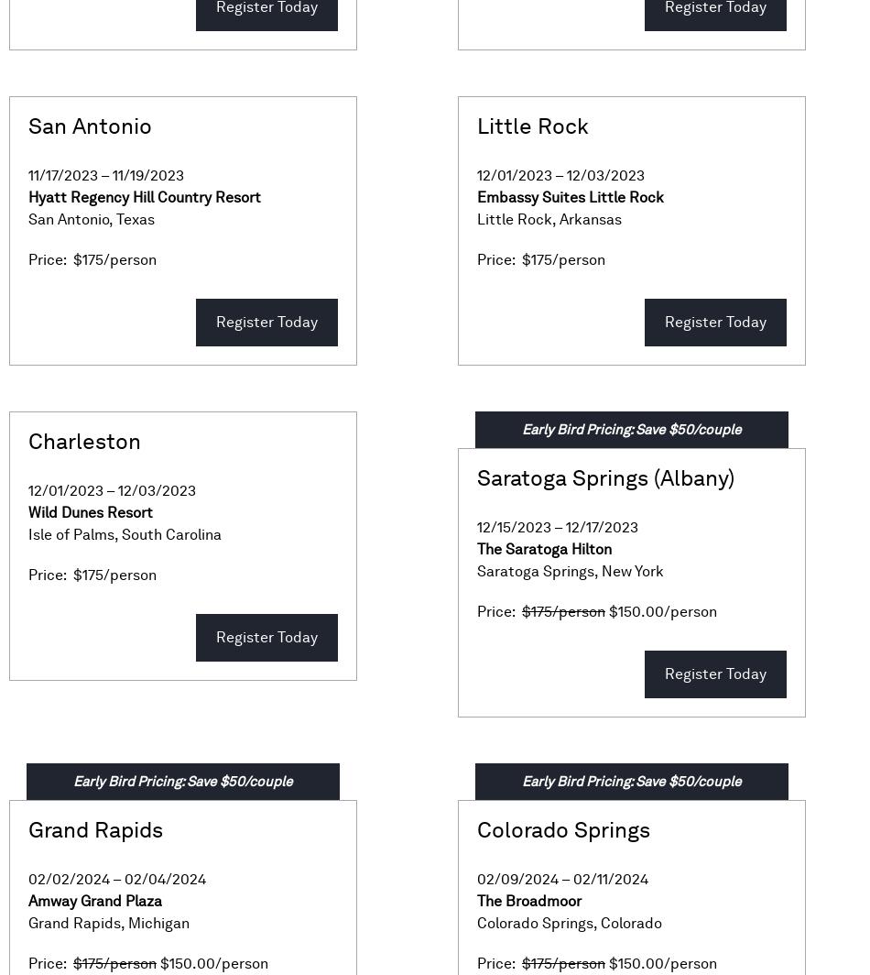  What do you see at coordinates (544, 549) in the screenshot?
I see `'The Saratoga Hilton'` at bounding box center [544, 549].